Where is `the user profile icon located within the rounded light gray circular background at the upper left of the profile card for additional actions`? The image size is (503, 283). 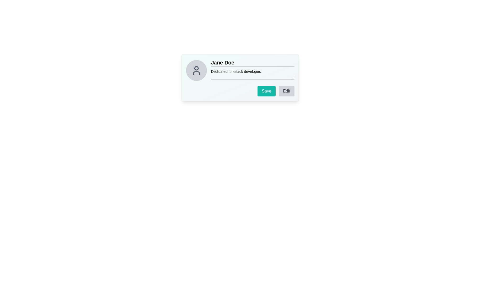 the user profile icon located within the rounded light gray circular background at the upper left of the profile card for additional actions is located at coordinates (196, 70).